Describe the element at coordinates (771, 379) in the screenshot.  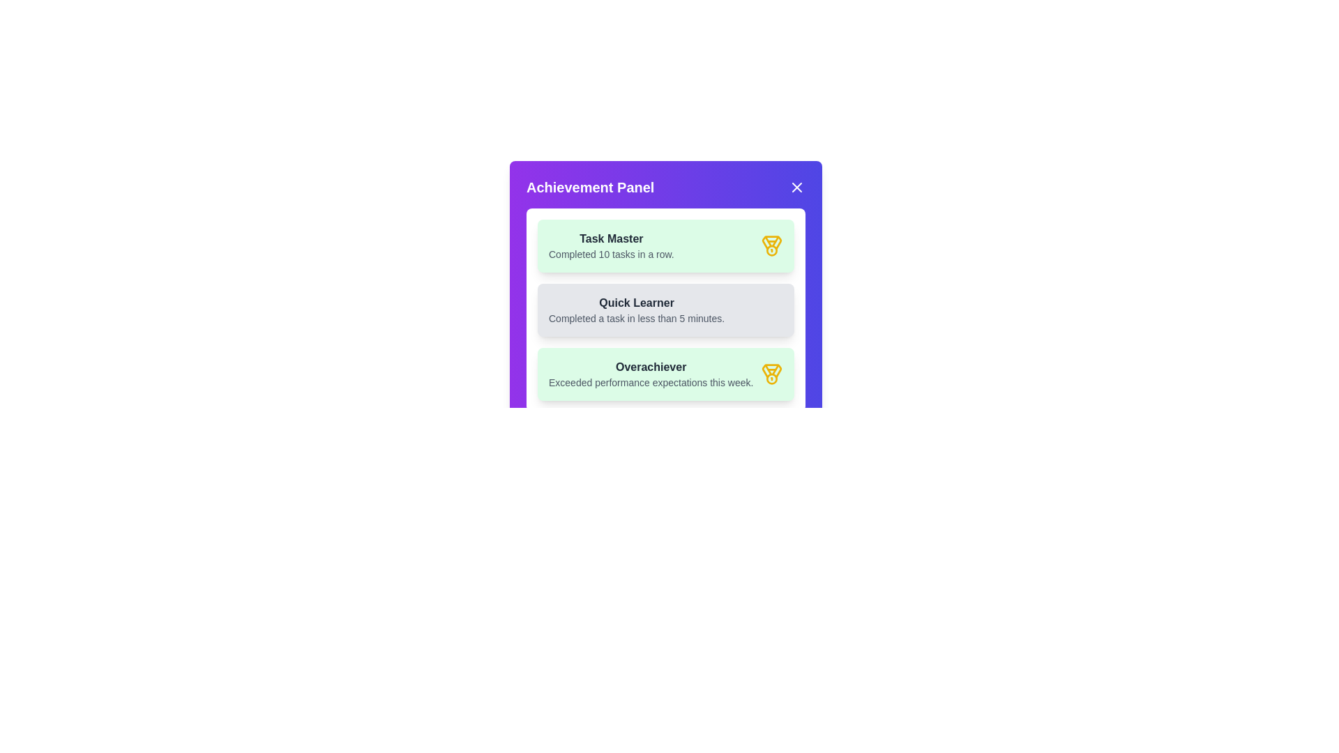
I see `the central circular part of the medal graphic in the 'Overachiever' achievement item located in the 'Achievement Panel'` at that location.